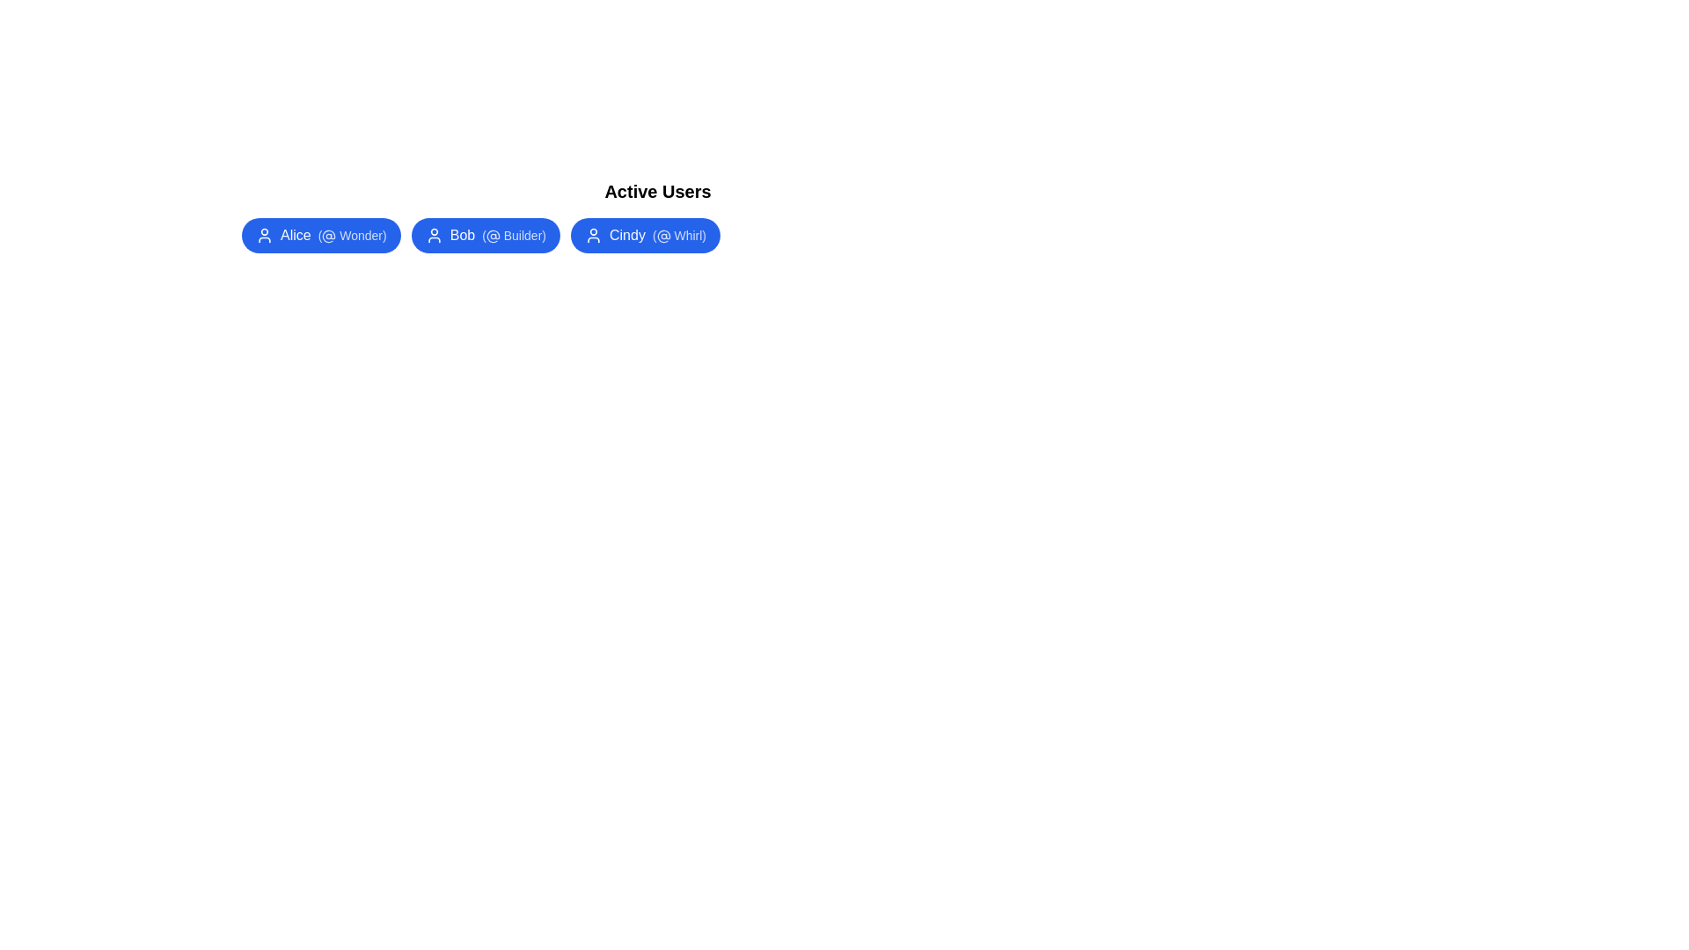 This screenshot has width=1689, height=950. Describe the element at coordinates (678, 234) in the screenshot. I see `the alias Whirl within the user chip` at that location.